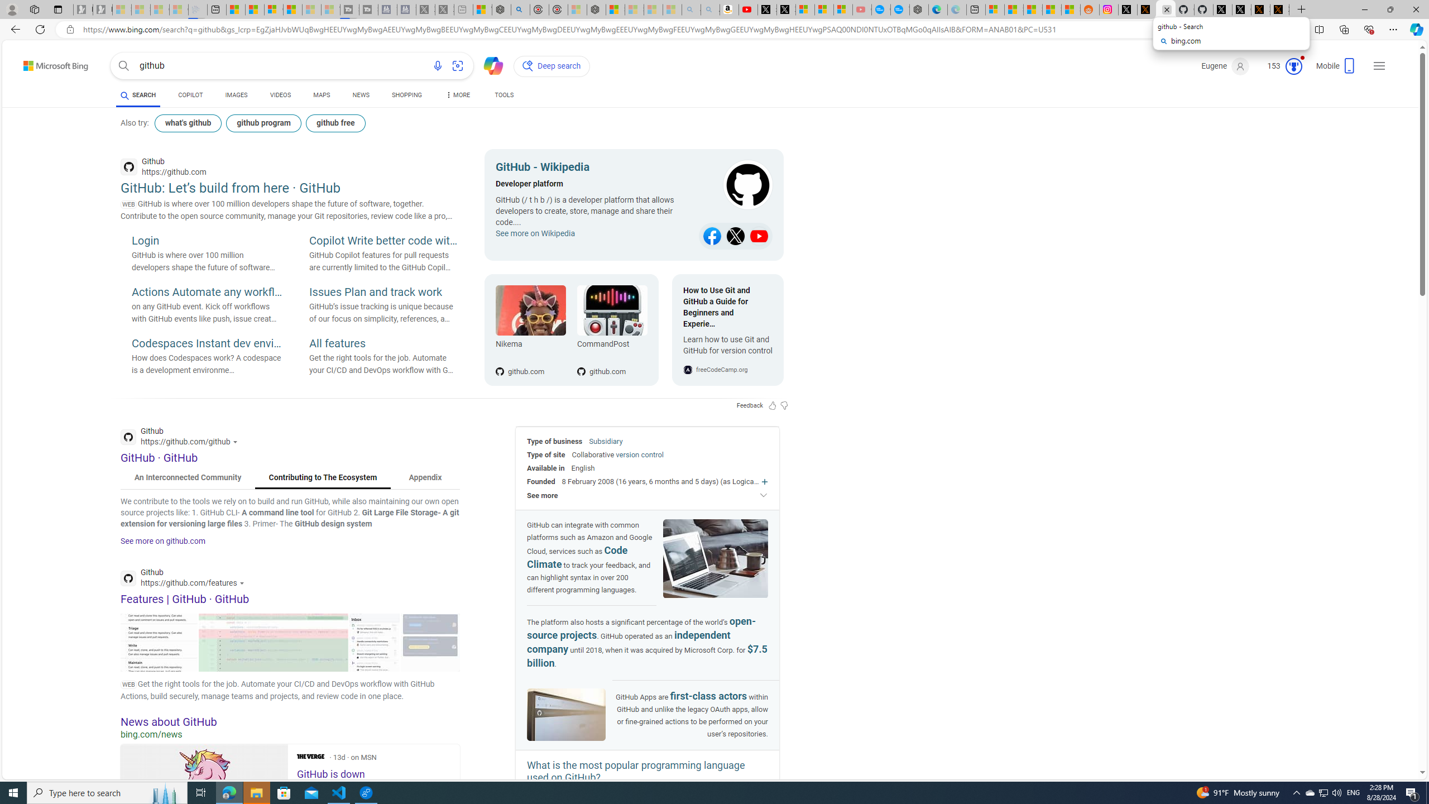 This screenshot has width=1429, height=804. I want to click on 'Contributing to The Ecosystem', so click(323, 477).